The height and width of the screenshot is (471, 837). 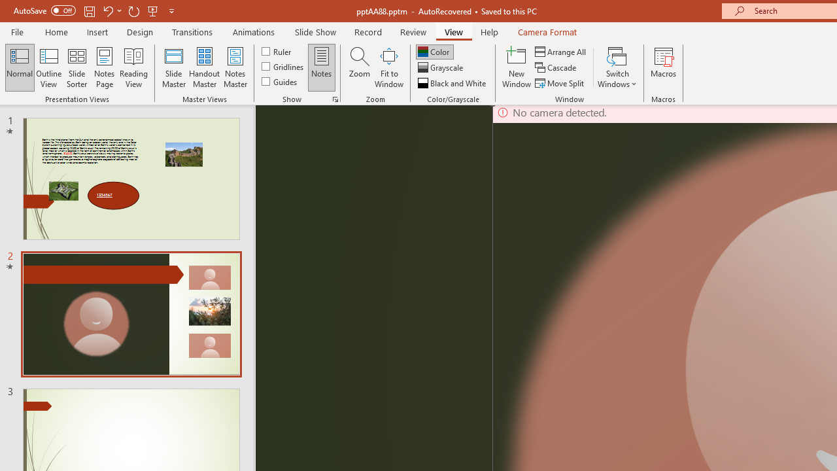 What do you see at coordinates (434, 51) in the screenshot?
I see `'Color'` at bounding box center [434, 51].